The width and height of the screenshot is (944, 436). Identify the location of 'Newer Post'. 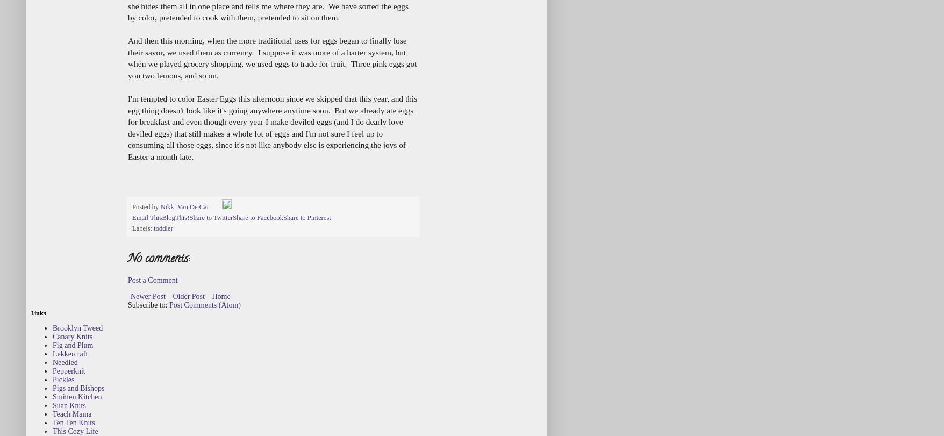
(147, 295).